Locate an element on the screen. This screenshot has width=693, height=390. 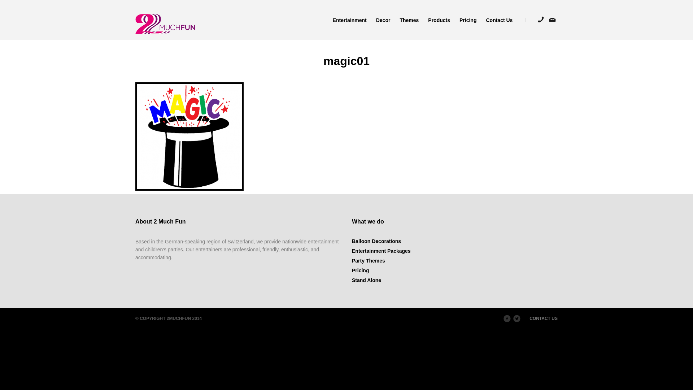
'Decor' is located at coordinates (371, 19).